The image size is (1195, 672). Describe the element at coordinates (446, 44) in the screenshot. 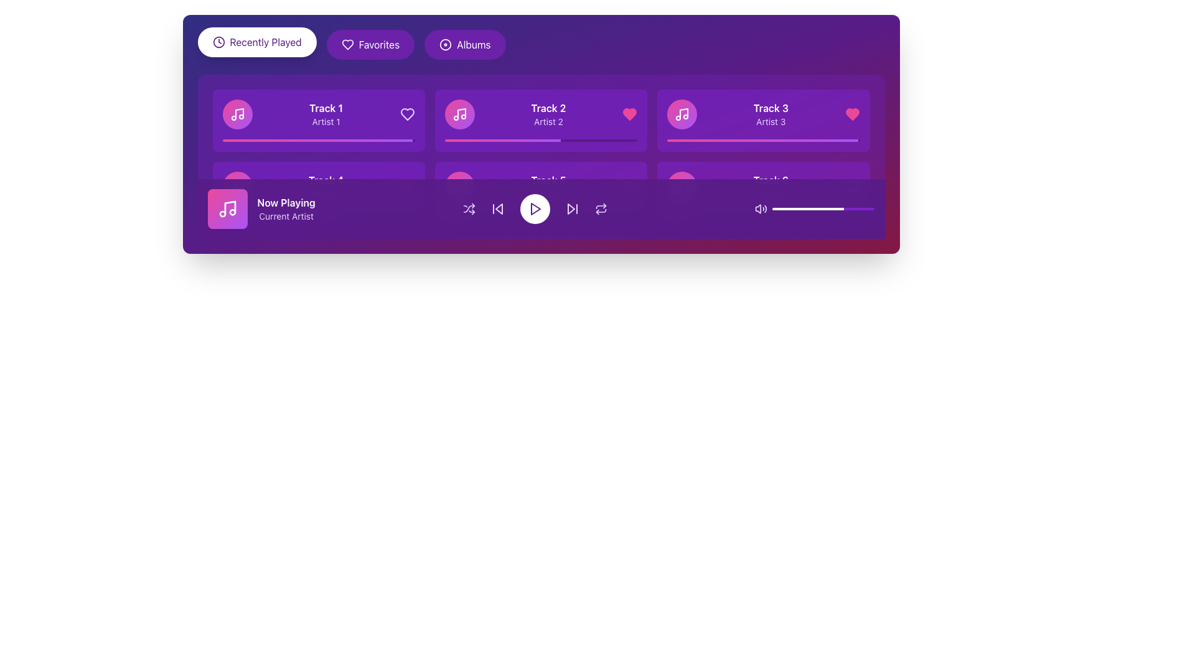

I see `the vector graphic icon representing the 'Albums' category in the top navigation bar, which is positioned to the left of the text label 'Albums'` at that location.